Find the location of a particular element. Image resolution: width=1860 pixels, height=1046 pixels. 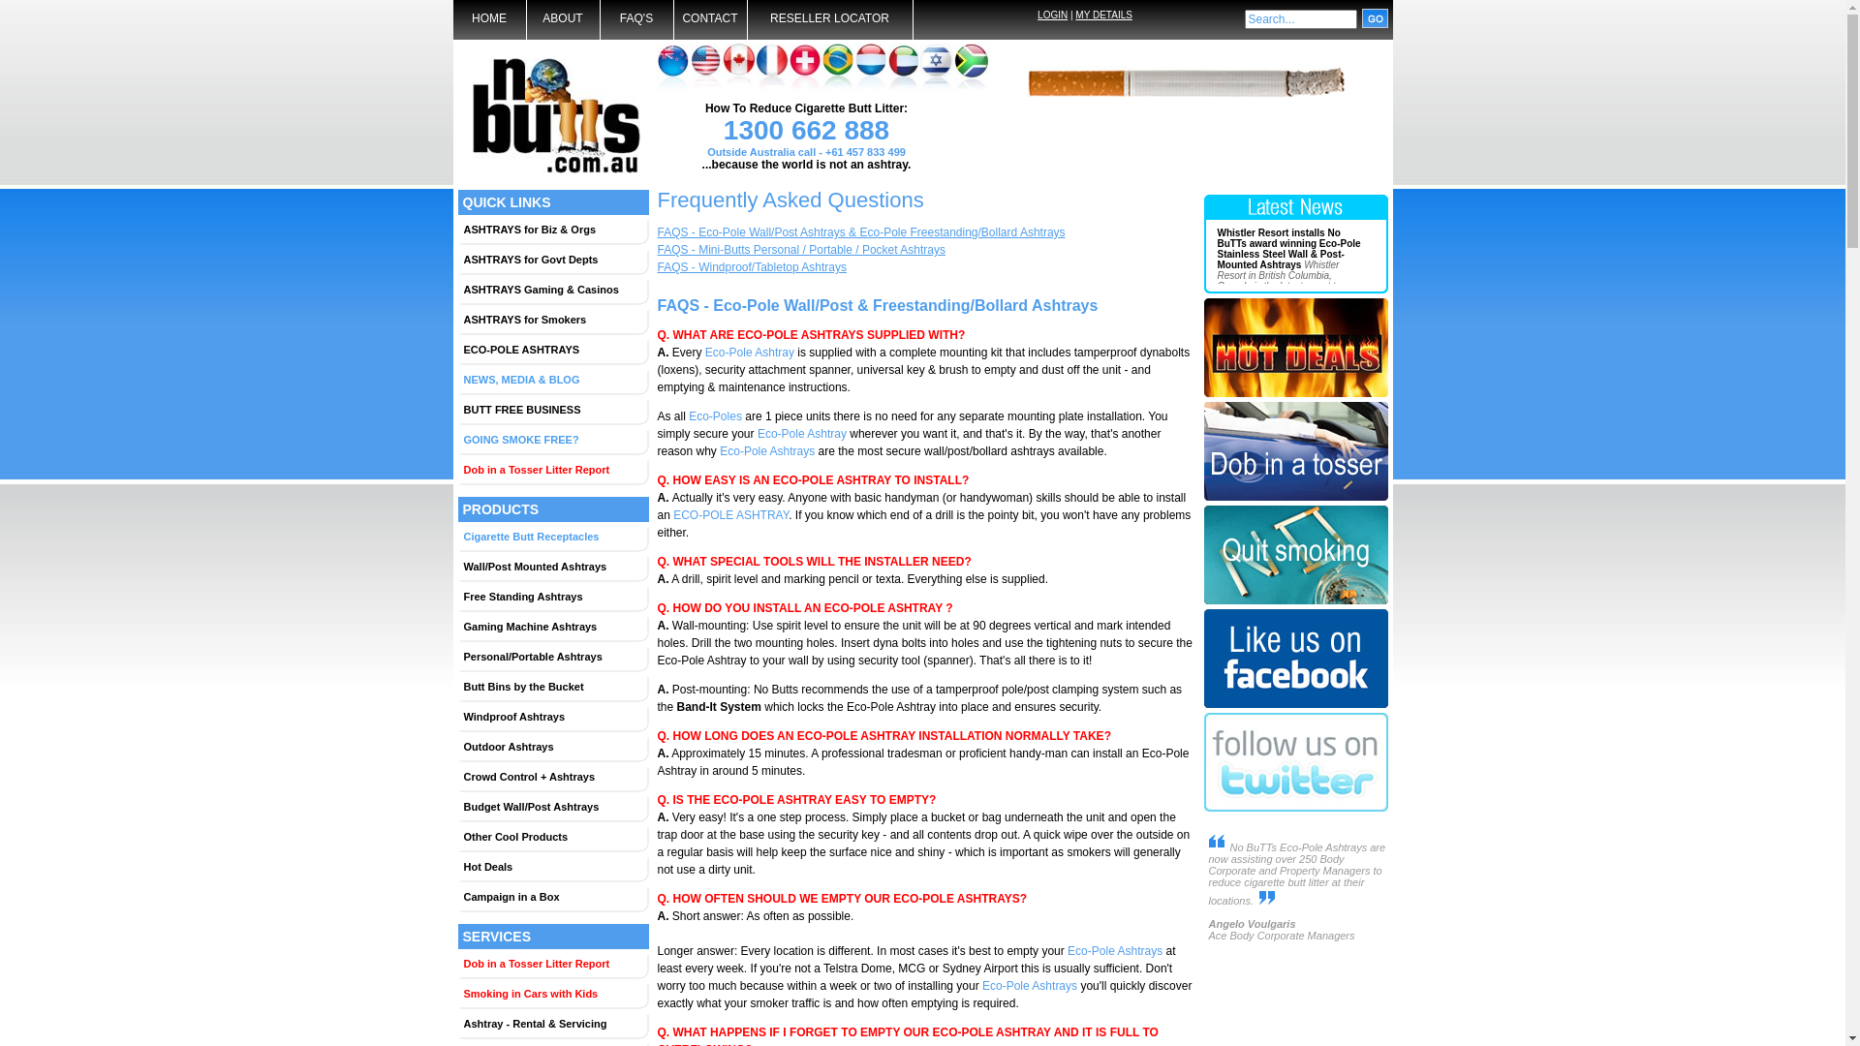

'Hot Deals' is located at coordinates (458, 865).